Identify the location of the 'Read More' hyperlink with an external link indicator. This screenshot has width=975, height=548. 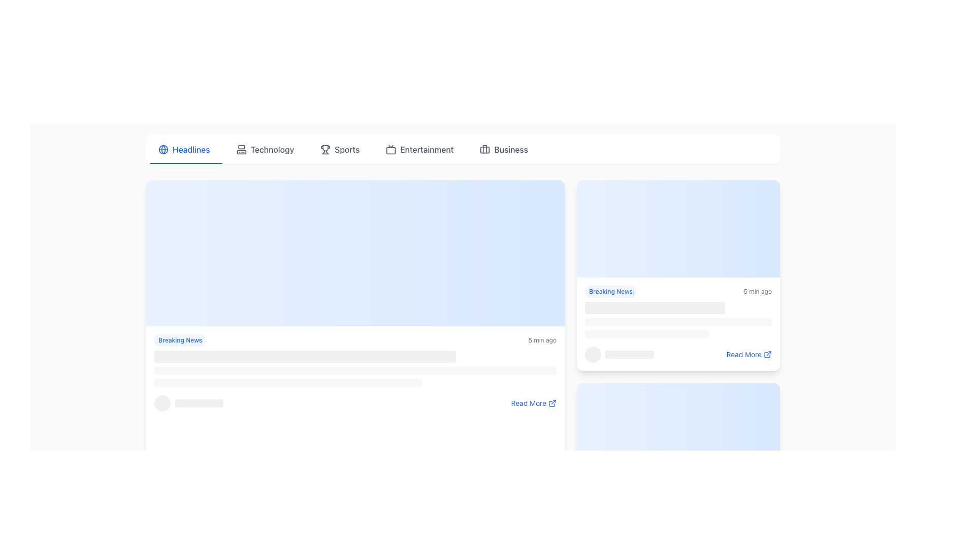
(533, 402).